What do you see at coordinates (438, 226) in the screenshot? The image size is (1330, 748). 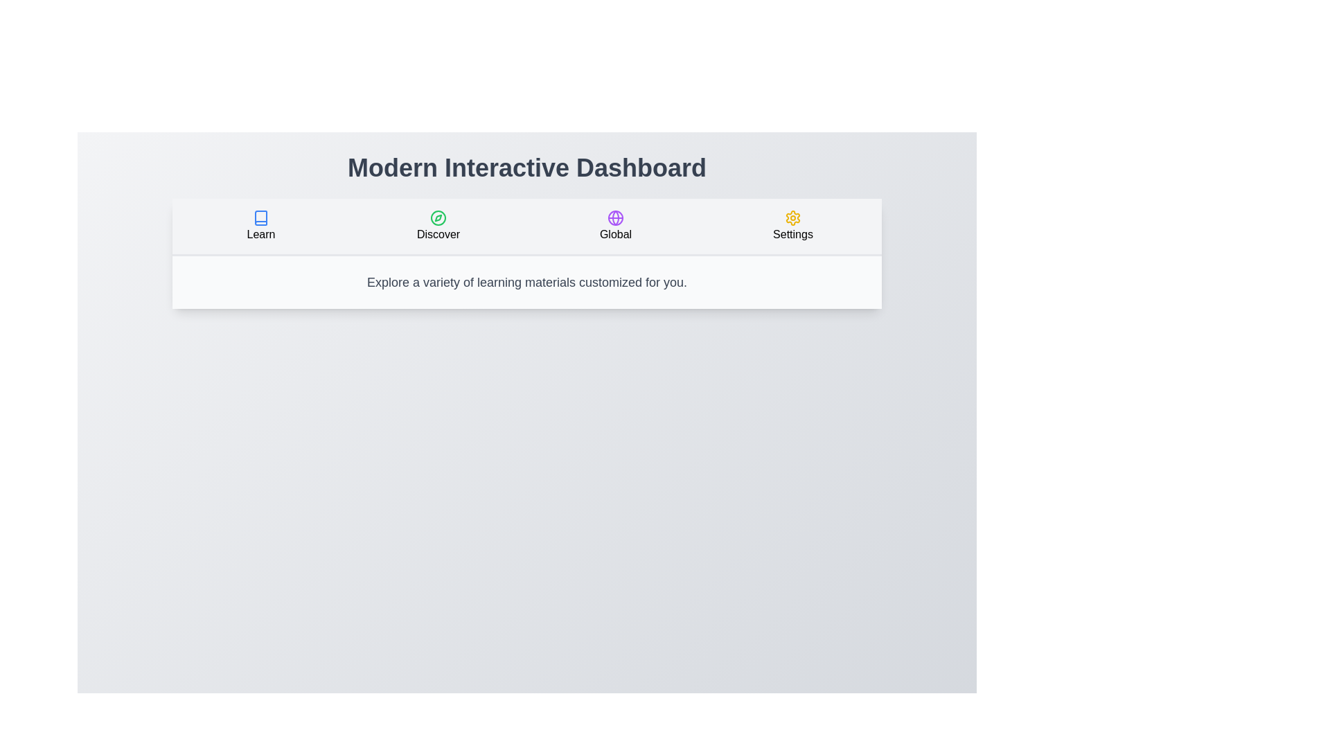 I see `the 'Discover' navigation button located in the horizontal navigation bar, positioned second from the left, between 'Learn' and 'Global'` at bounding box center [438, 226].